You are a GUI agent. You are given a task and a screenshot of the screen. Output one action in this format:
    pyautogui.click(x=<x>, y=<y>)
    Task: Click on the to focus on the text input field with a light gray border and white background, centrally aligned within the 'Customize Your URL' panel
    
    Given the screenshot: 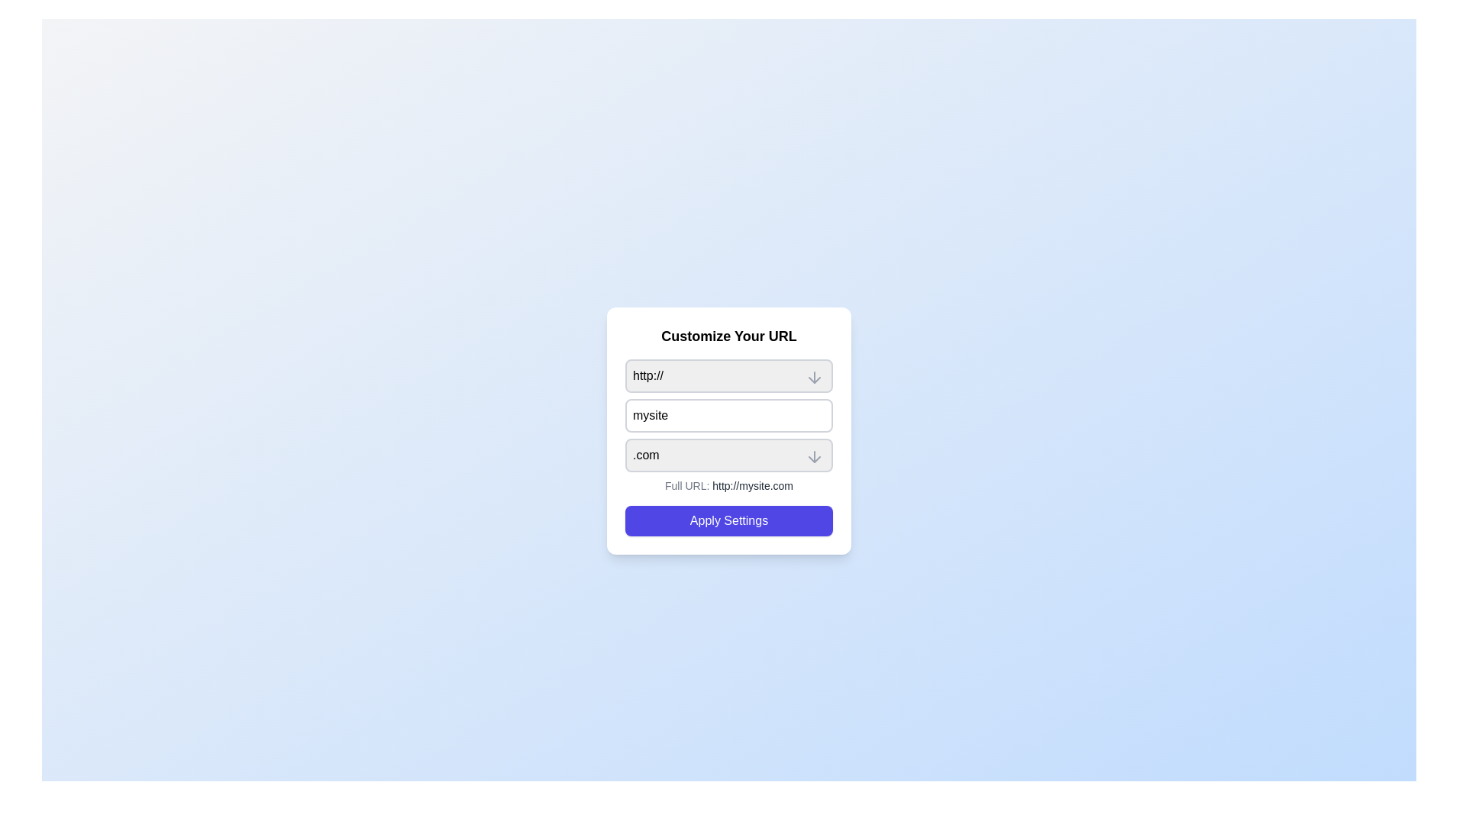 What is the action you would take?
    pyautogui.click(x=728, y=426)
    